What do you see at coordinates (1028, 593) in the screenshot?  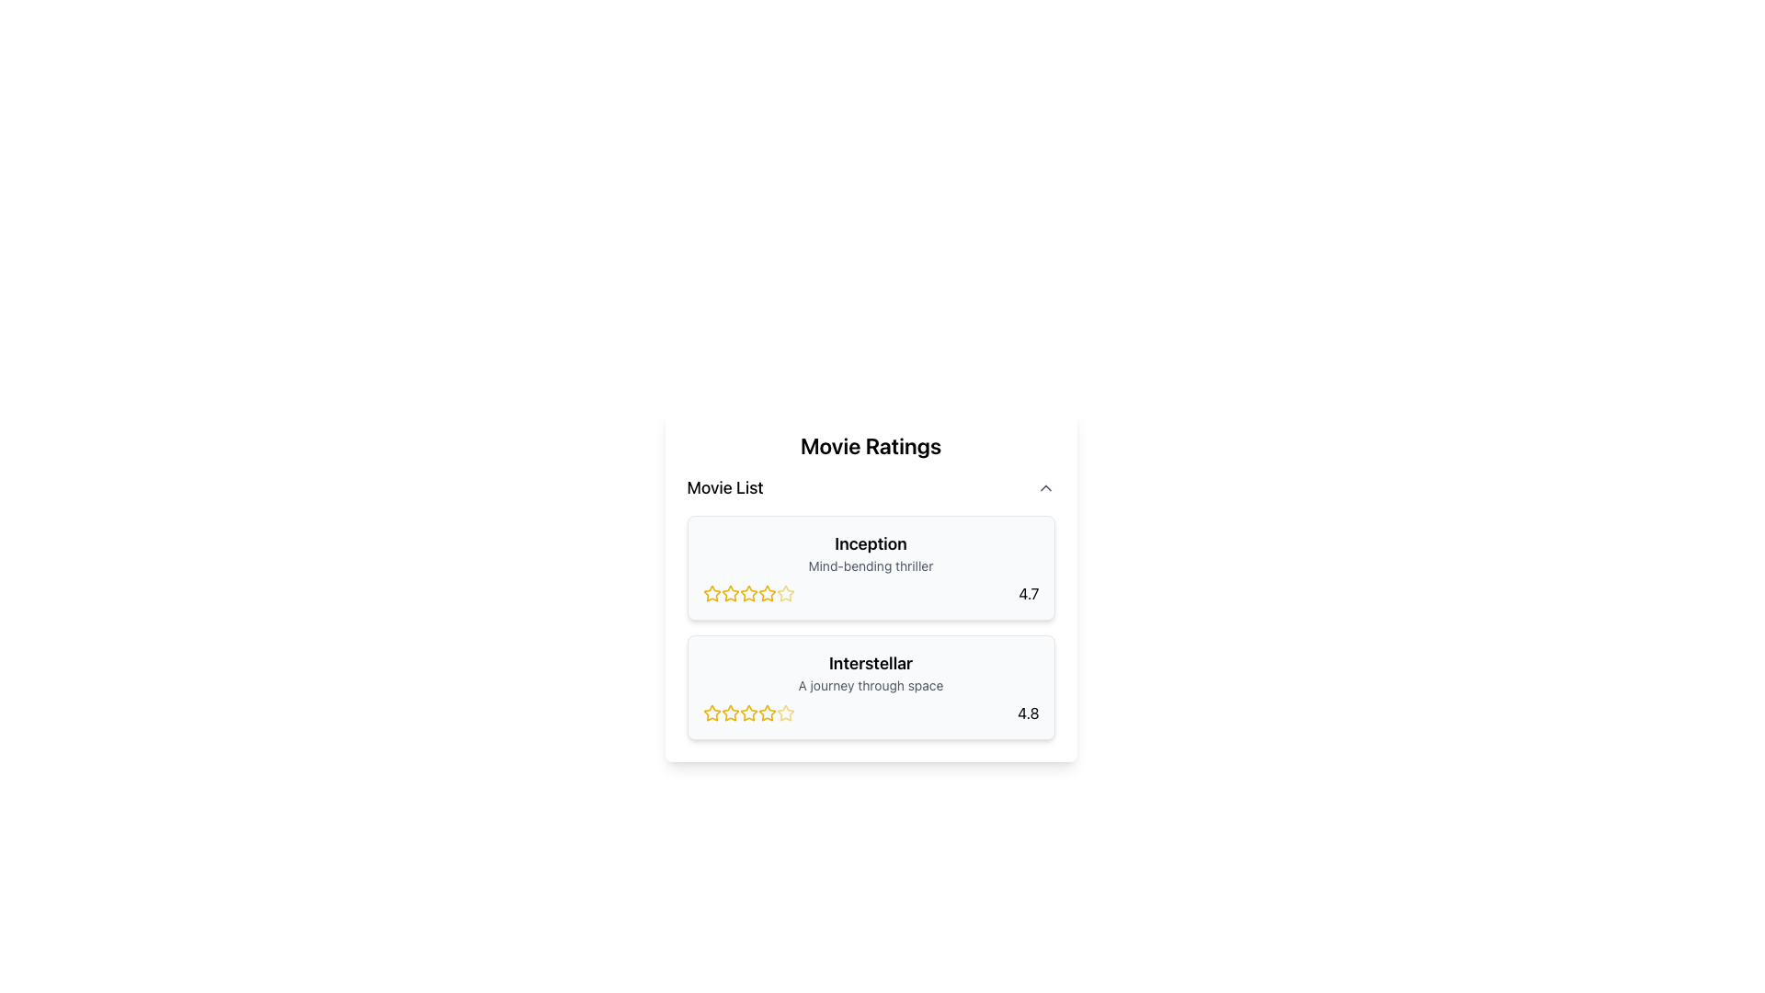 I see `text '4.7' displayed in bold black font located at the far right side of the top card under 'Movie Ratings', aligned with the yellow star rating icons` at bounding box center [1028, 593].